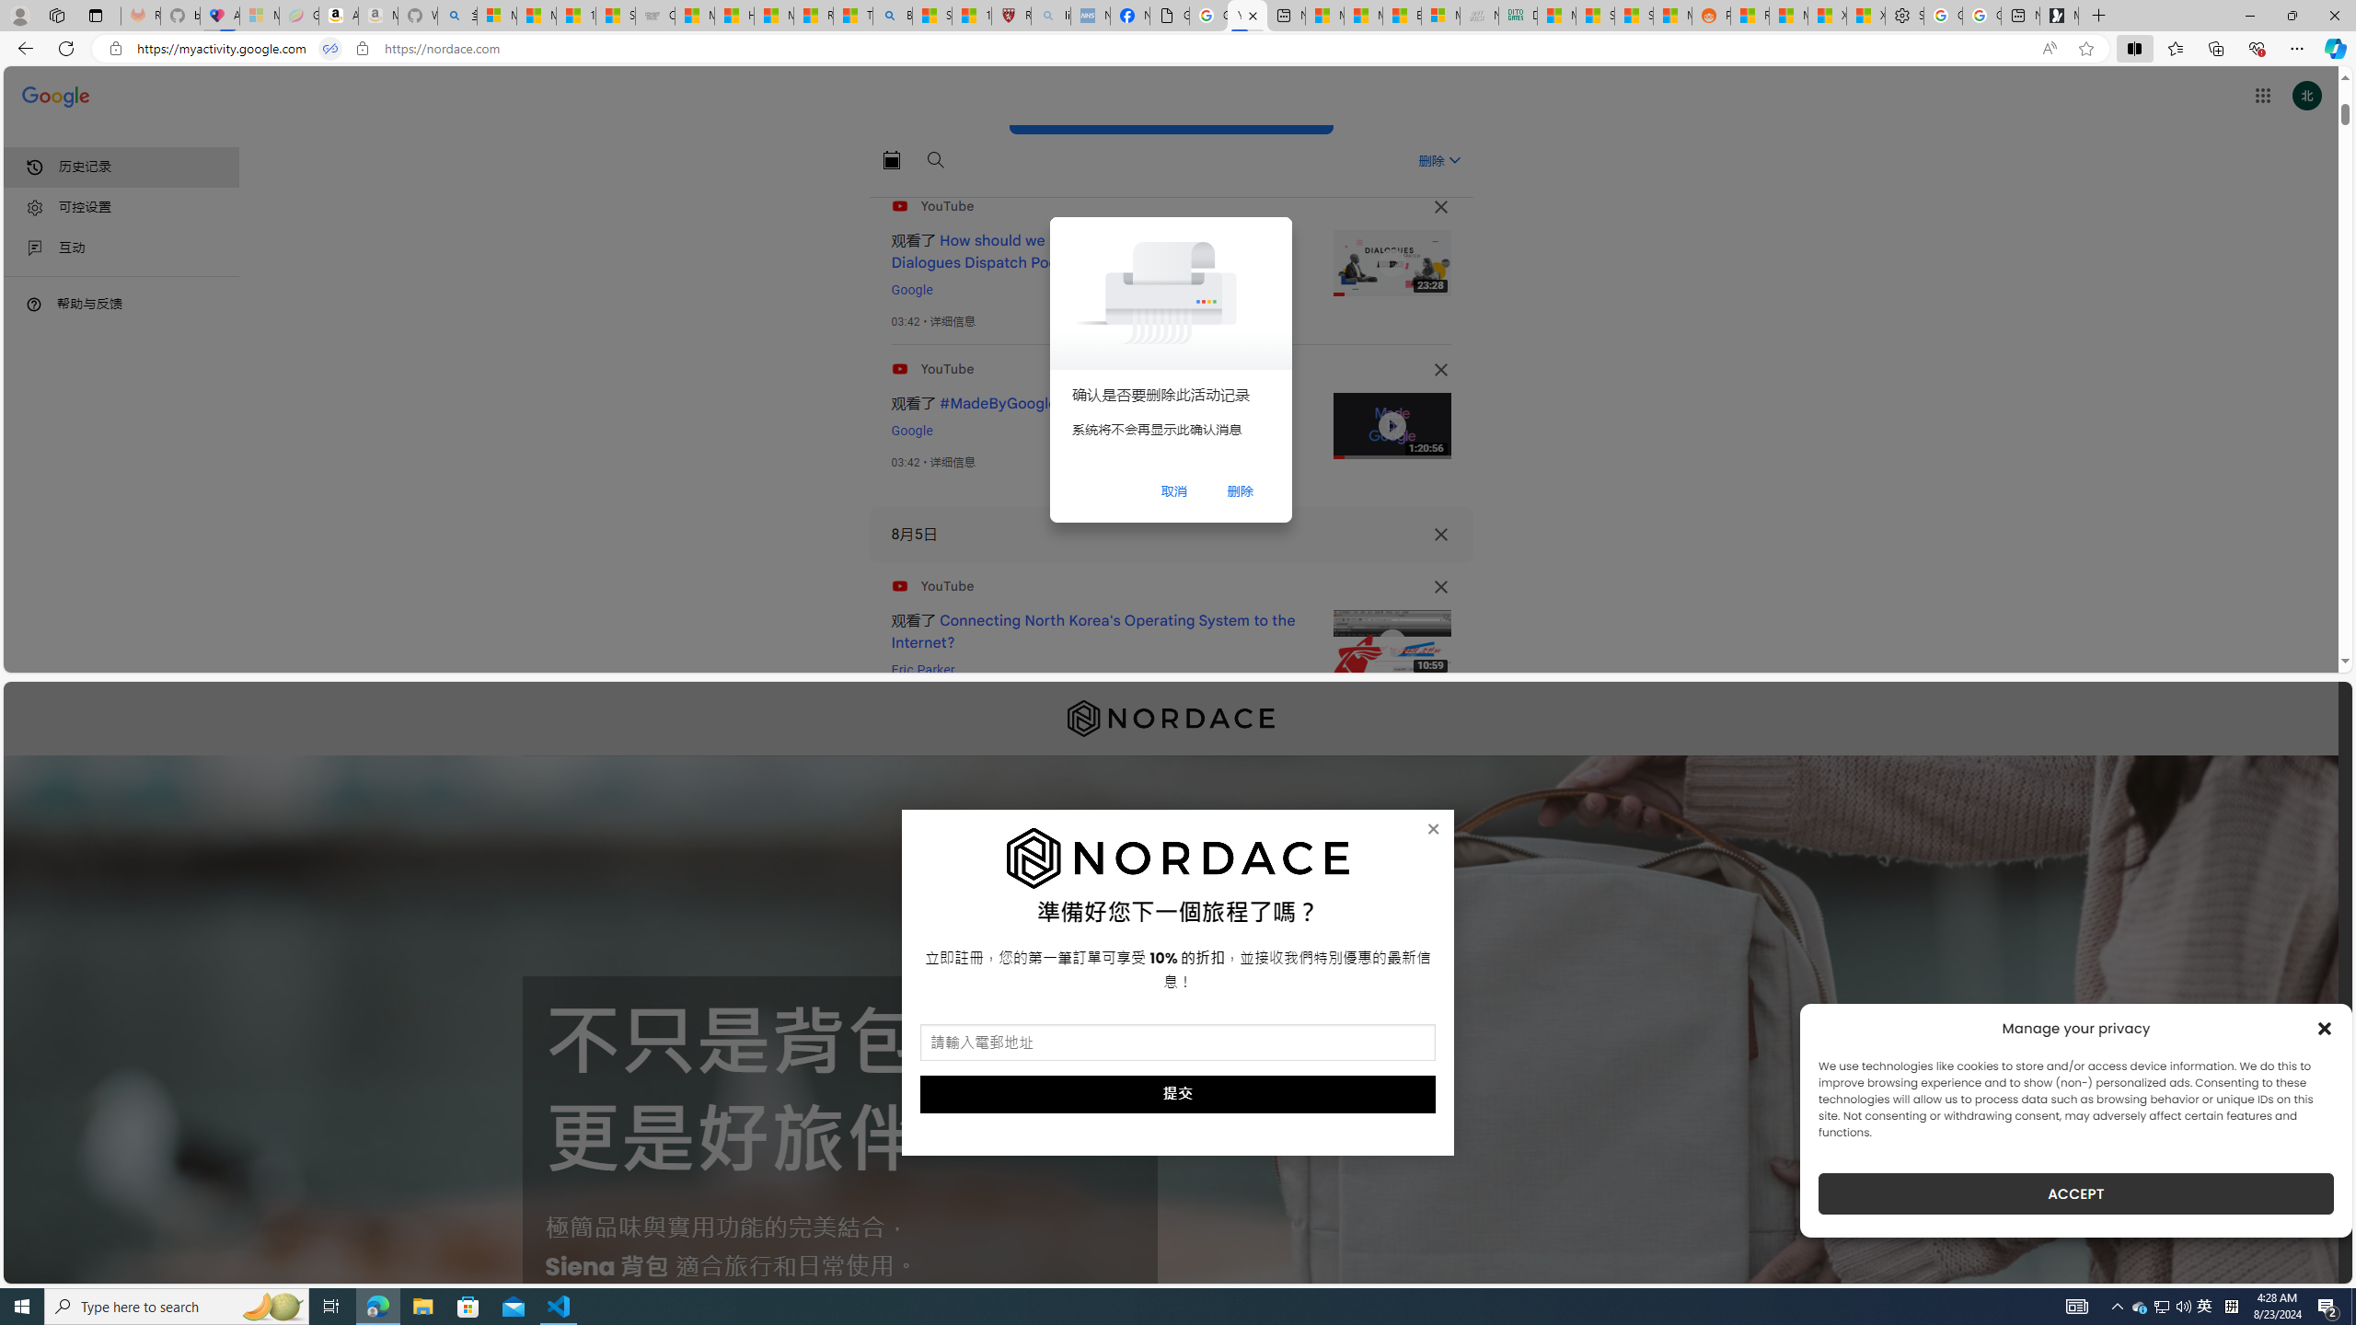  What do you see at coordinates (34, 248) in the screenshot?
I see `'Class: i2GIId'` at bounding box center [34, 248].